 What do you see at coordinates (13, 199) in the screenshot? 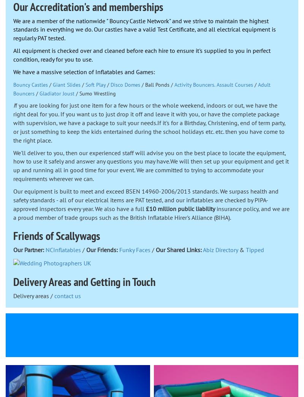
I see `'Our equipment is built to meet and exceed BSEN 14960-2006/2013 standards. We surpass health and safety standards - all of our electrical items are PAT tested, and our inflatables are checked by PIPA-approved inspectors every year. We also have a full'` at bounding box center [13, 199].